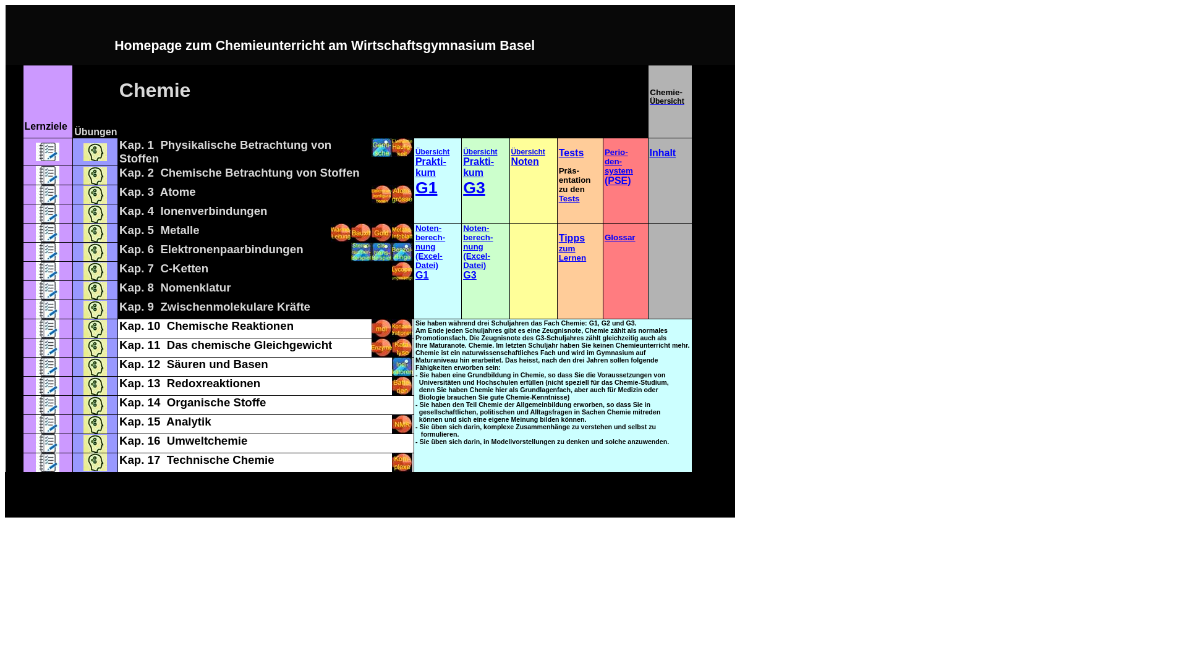  I want to click on 'den-', so click(613, 161).